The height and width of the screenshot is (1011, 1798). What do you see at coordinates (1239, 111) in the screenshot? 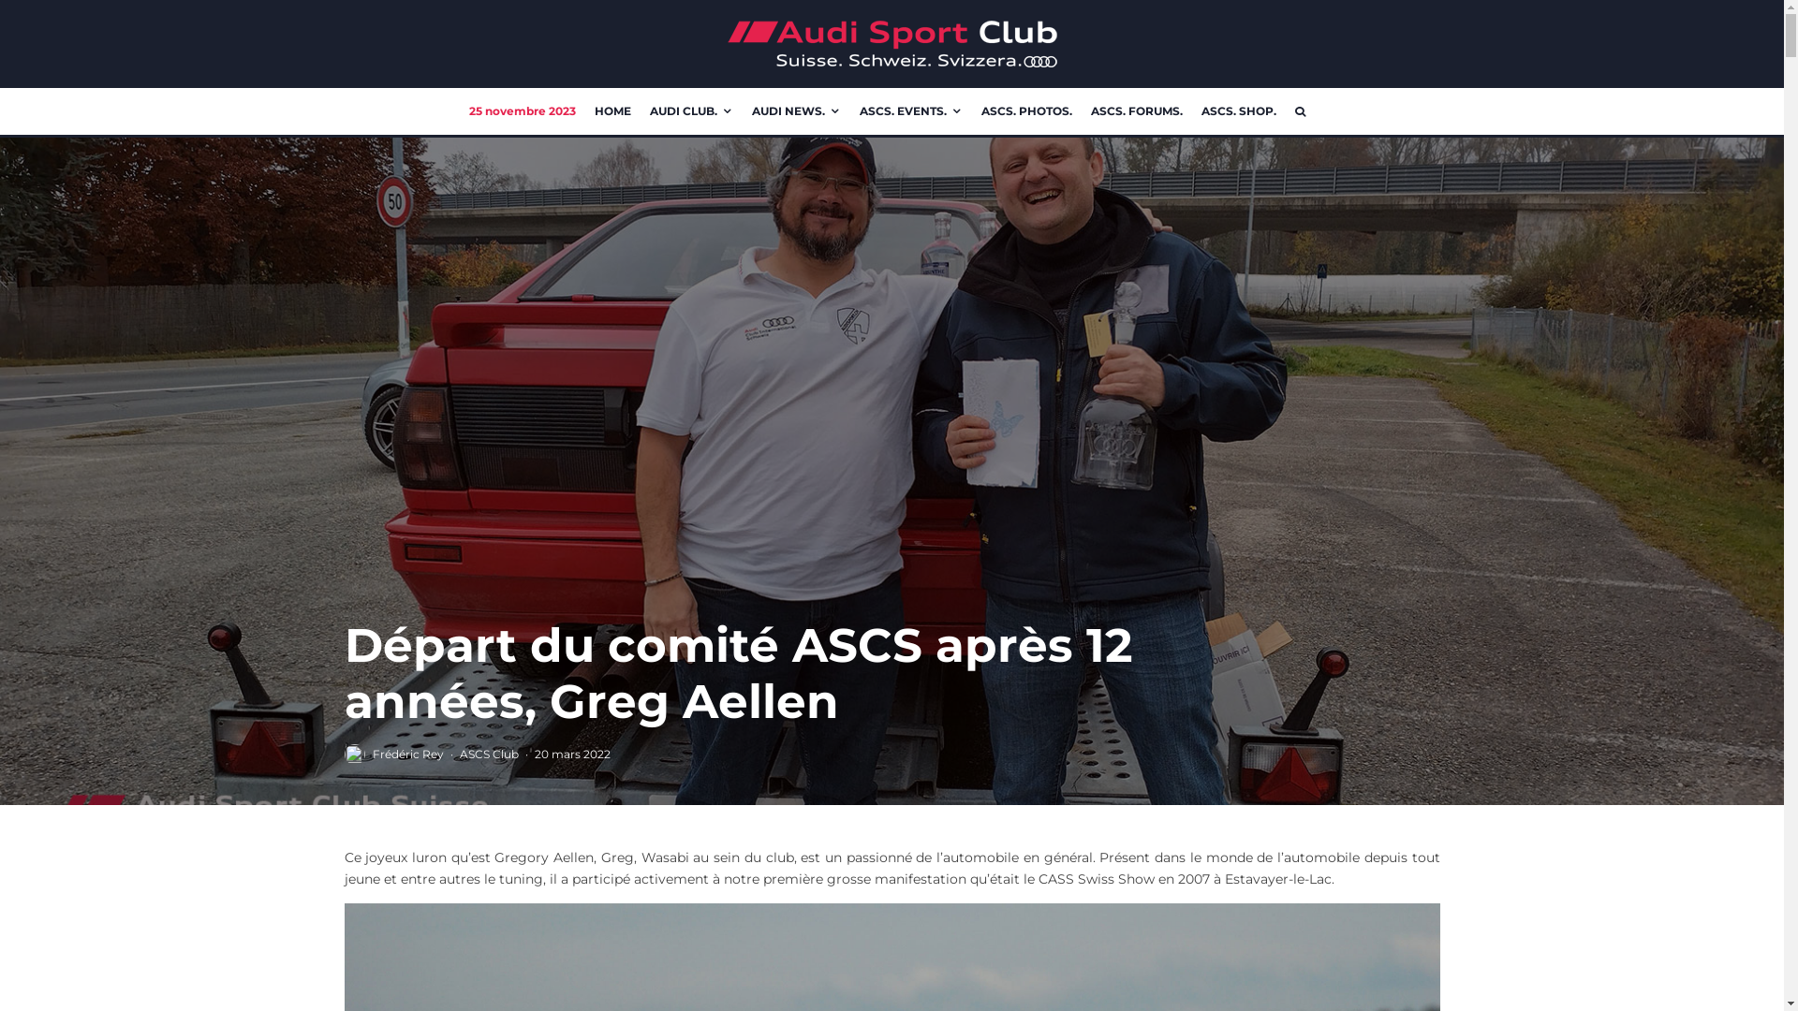
I see `'ASCS. SHOP.'` at bounding box center [1239, 111].